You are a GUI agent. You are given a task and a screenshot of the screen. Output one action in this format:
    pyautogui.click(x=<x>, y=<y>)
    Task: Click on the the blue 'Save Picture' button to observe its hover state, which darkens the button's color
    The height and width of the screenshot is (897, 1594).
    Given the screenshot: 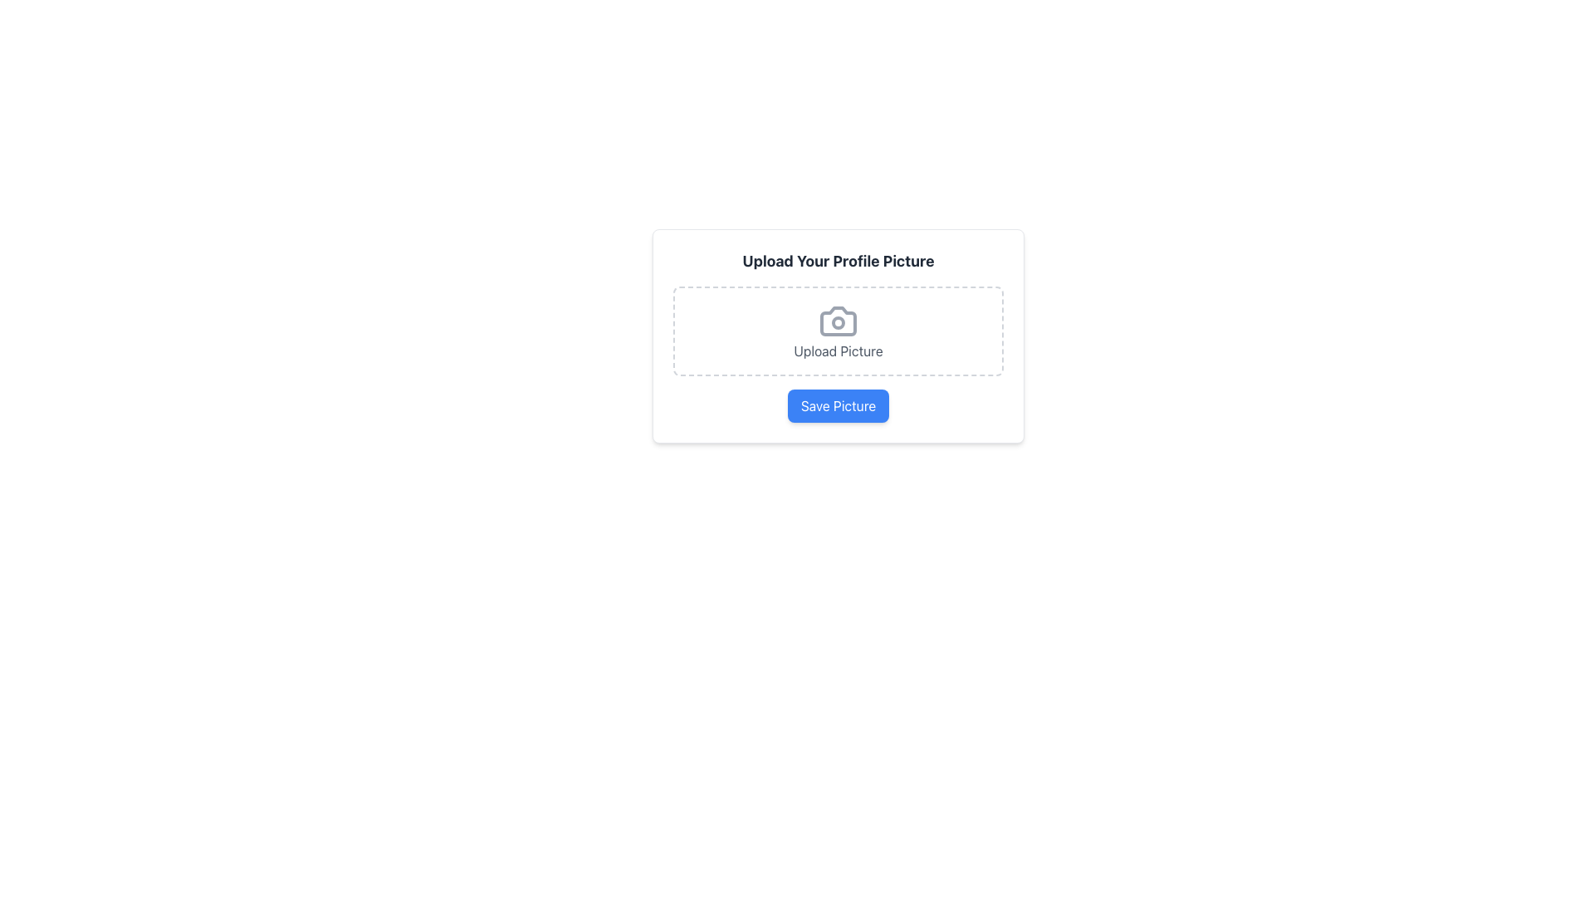 What is the action you would take?
    pyautogui.click(x=838, y=406)
    